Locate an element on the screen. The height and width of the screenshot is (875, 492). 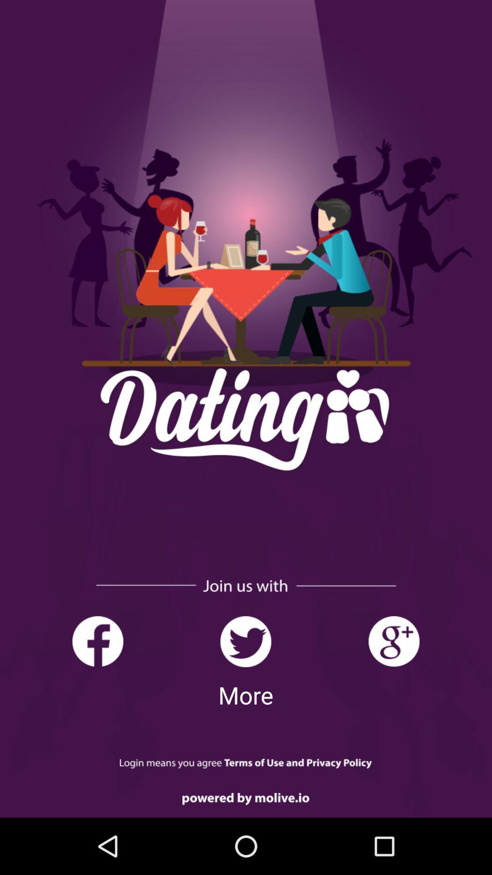
visit twitter page is located at coordinates (245, 641).